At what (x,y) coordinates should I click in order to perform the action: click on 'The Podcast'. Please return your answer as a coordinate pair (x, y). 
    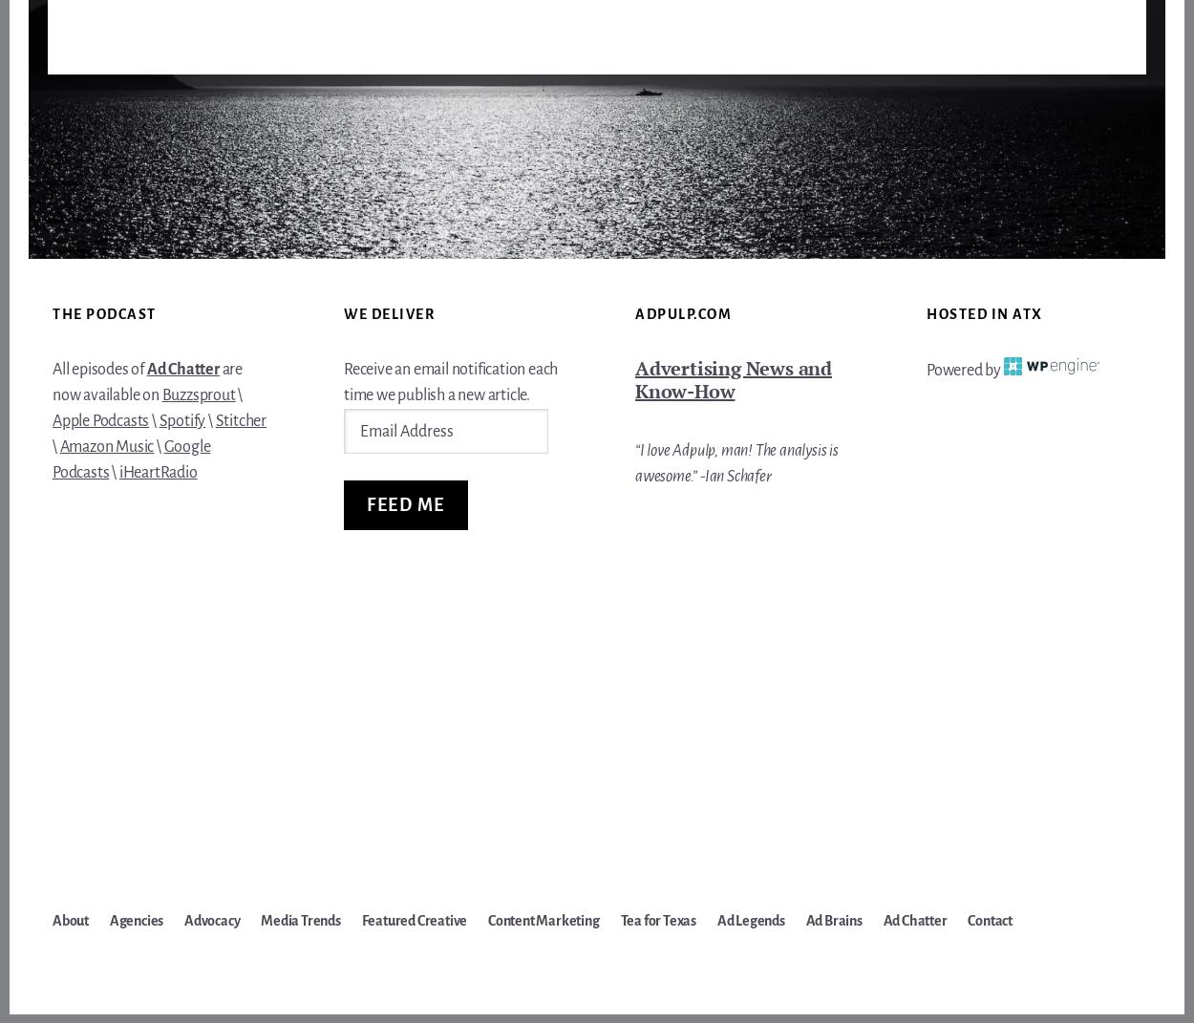
    Looking at the image, I should click on (53, 312).